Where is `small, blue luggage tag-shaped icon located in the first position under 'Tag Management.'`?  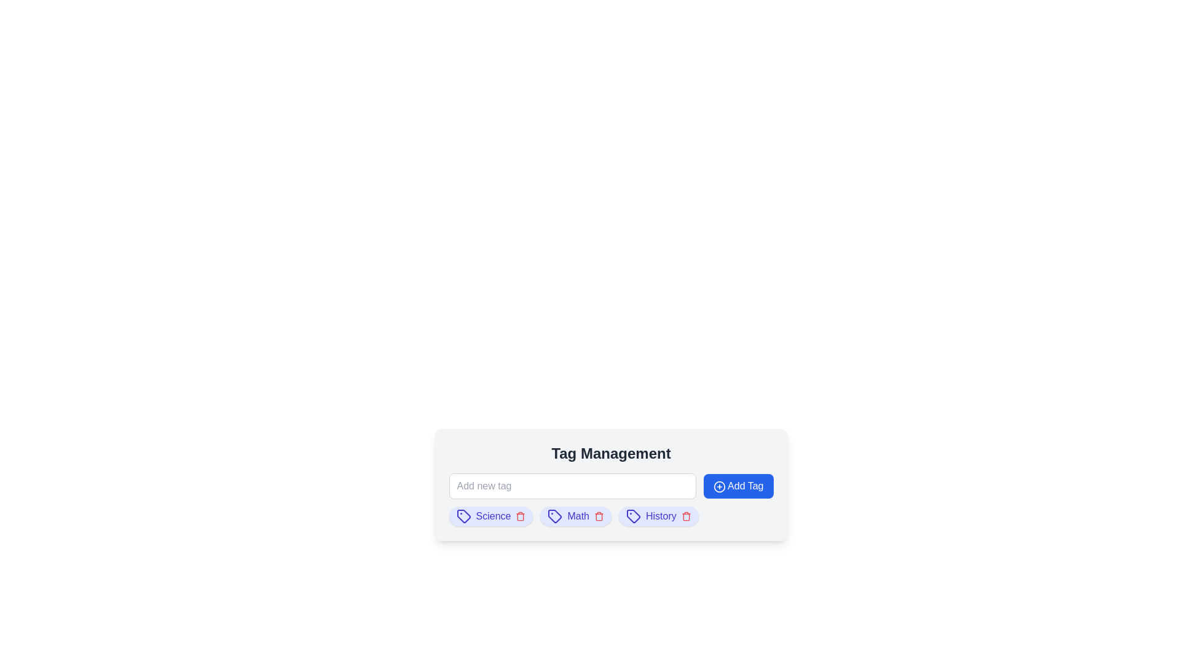 small, blue luggage tag-shaped icon located in the first position under 'Tag Management.' is located at coordinates (462, 516).